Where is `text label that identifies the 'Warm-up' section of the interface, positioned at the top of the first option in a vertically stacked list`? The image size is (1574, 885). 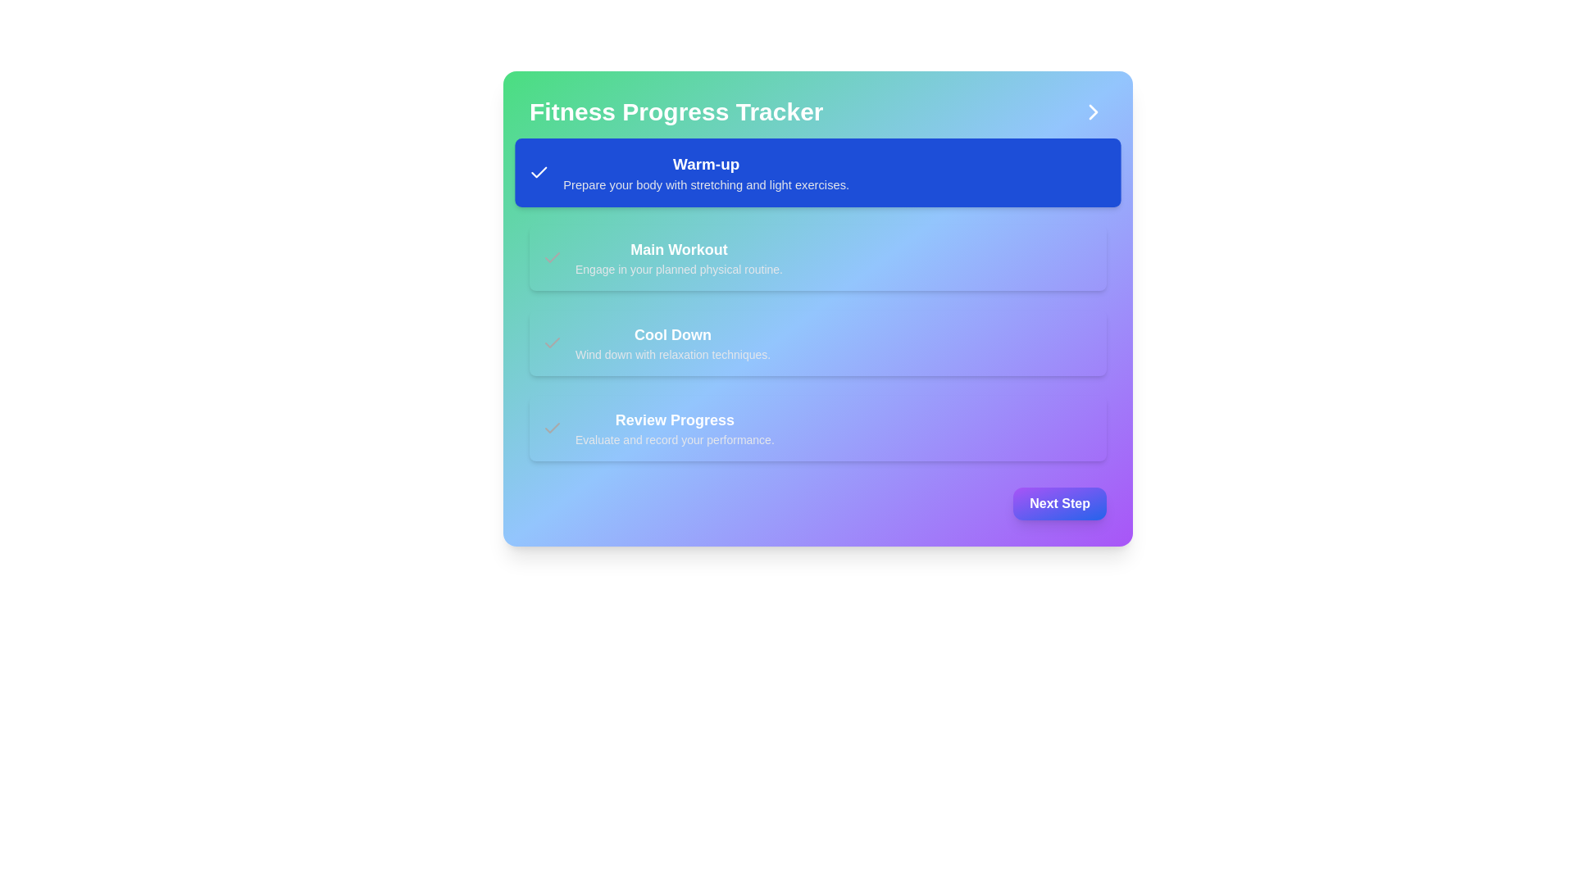 text label that identifies the 'Warm-up' section of the interface, positioned at the top of the first option in a vertically stacked list is located at coordinates (706, 164).